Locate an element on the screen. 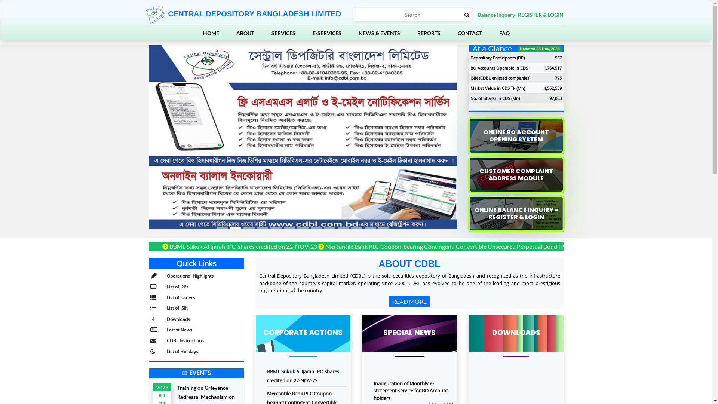 Image resolution: width=718 pixels, height=404 pixels. 'Market Value in CDS Tk.(Mn)' is located at coordinates (497, 88).